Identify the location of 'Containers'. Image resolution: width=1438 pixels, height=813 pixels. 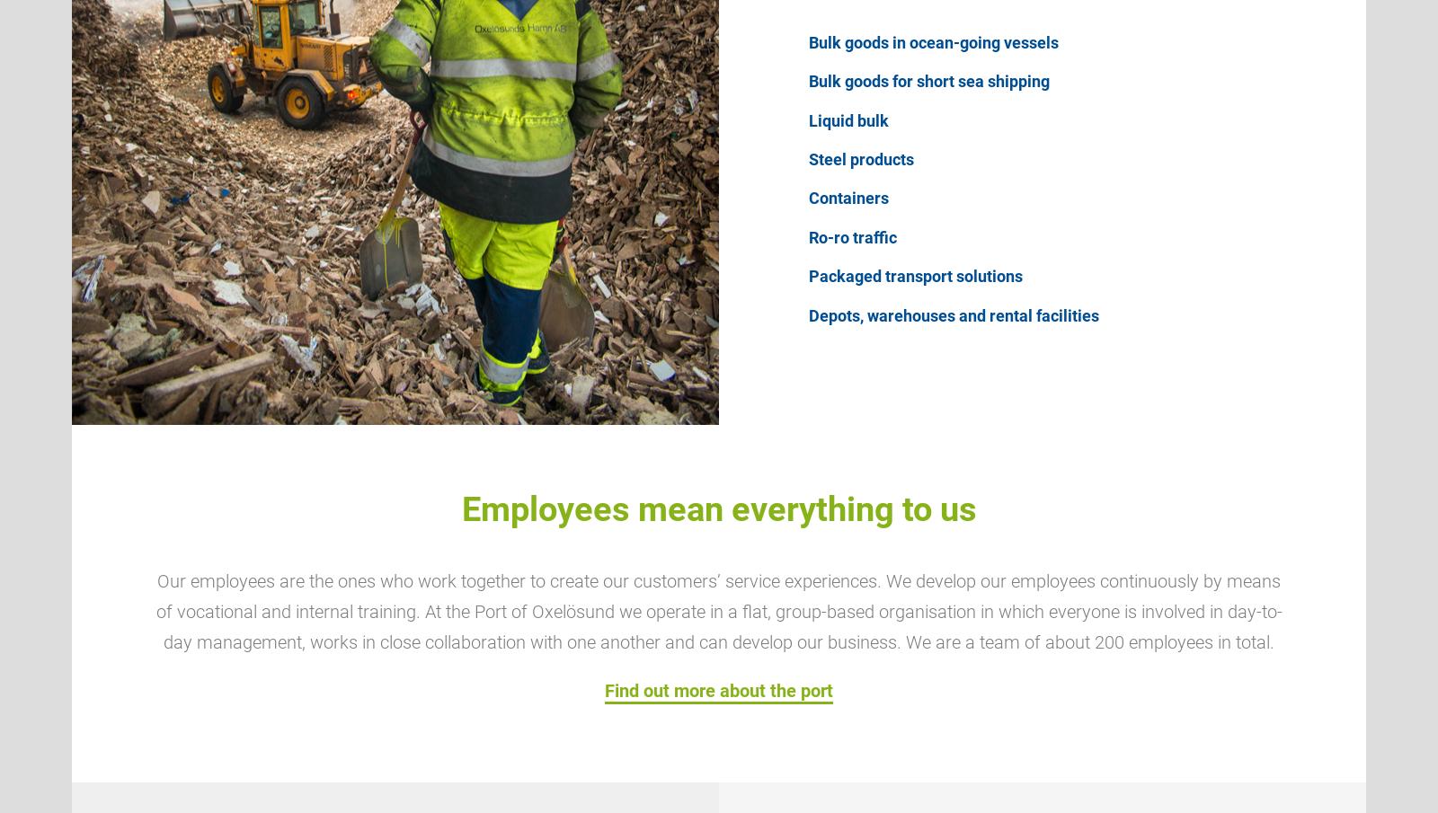
(848, 197).